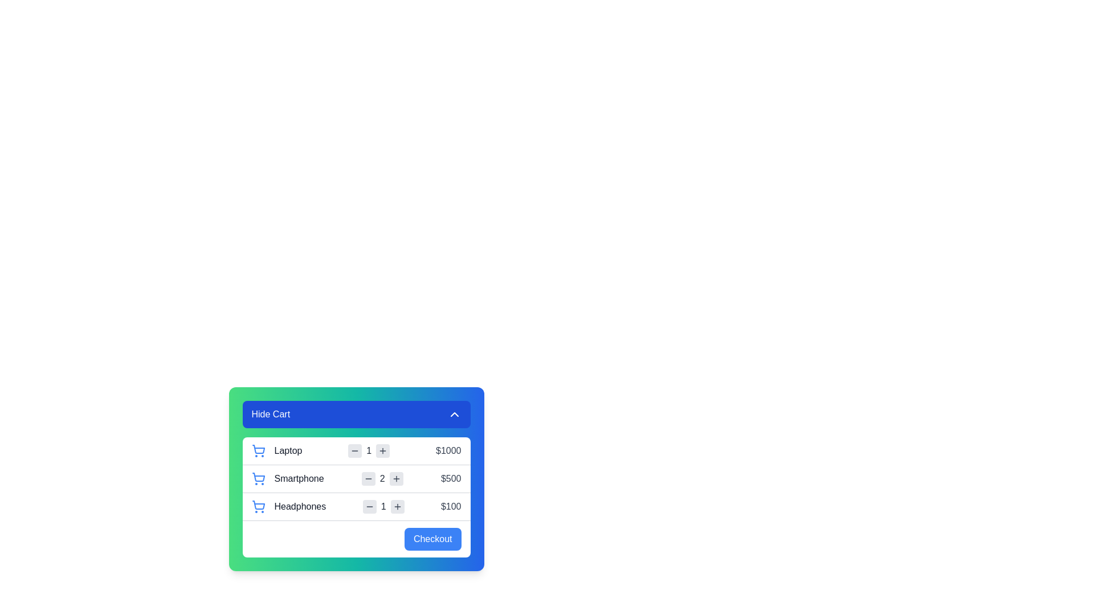  Describe the element at coordinates (299, 478) in the screenshot. I see `the text label identifying the second item in the shopping cart` at that location.